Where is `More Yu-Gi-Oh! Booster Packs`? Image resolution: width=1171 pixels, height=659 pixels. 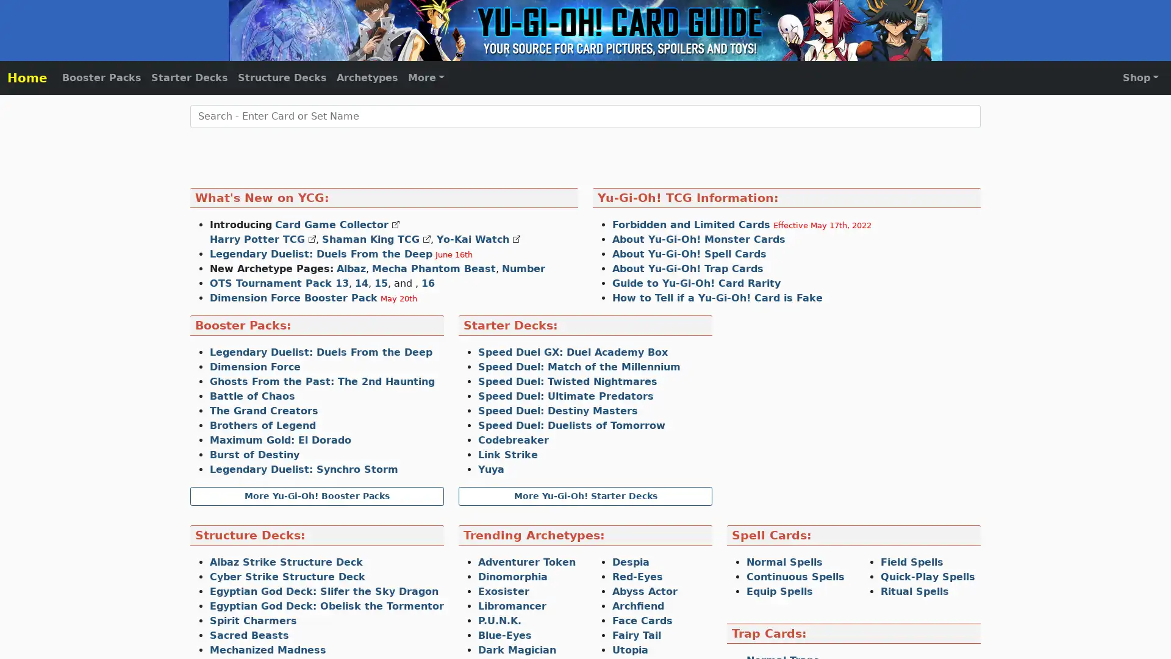 More Yu-Gi-Oh! Booster Packs is located at coordinates (317, 496).